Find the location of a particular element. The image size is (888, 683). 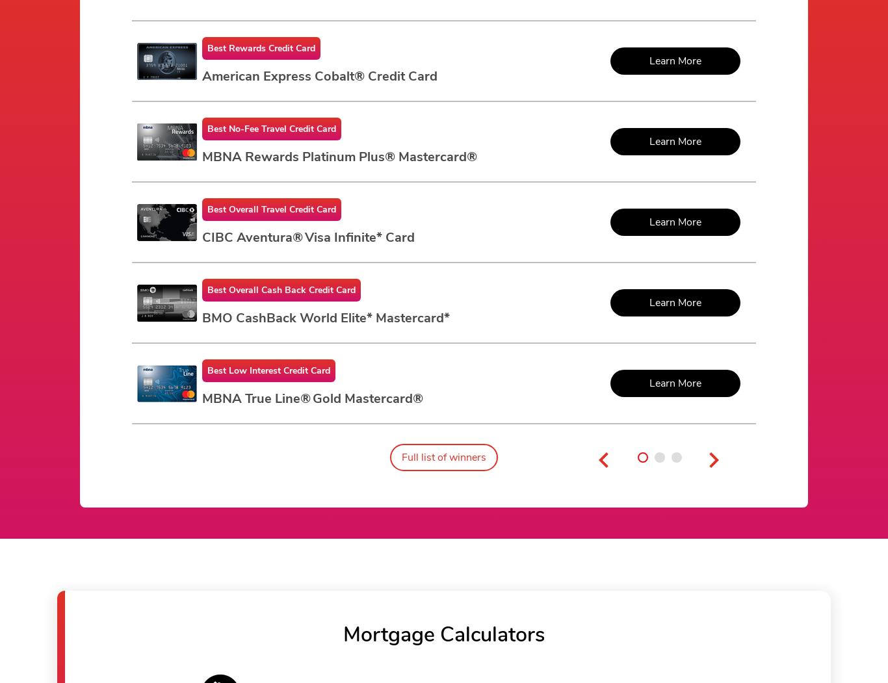

'Mortgage Calculators' is located at coordinates (444, 634).